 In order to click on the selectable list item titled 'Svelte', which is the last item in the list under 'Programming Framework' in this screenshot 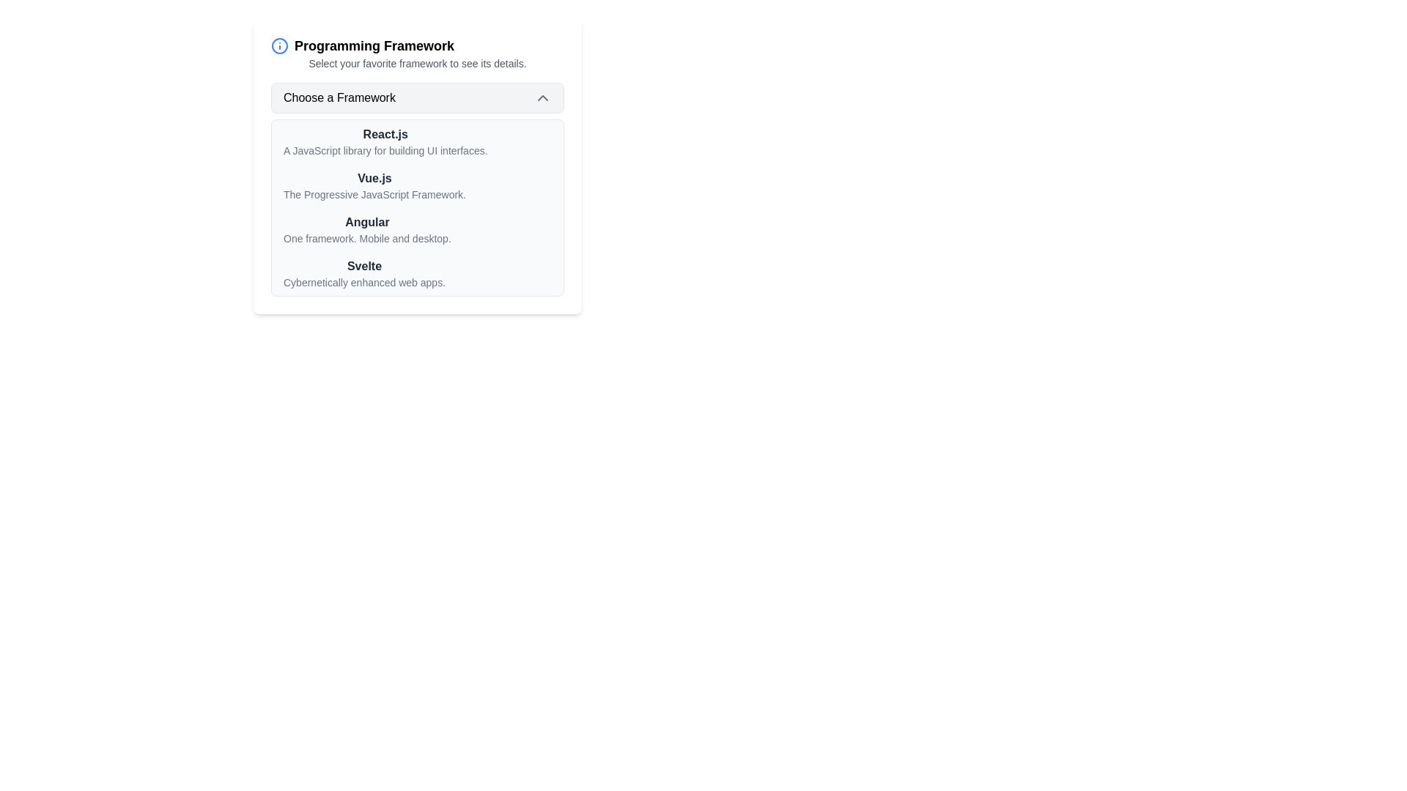, I will do `click(417, 274)`.